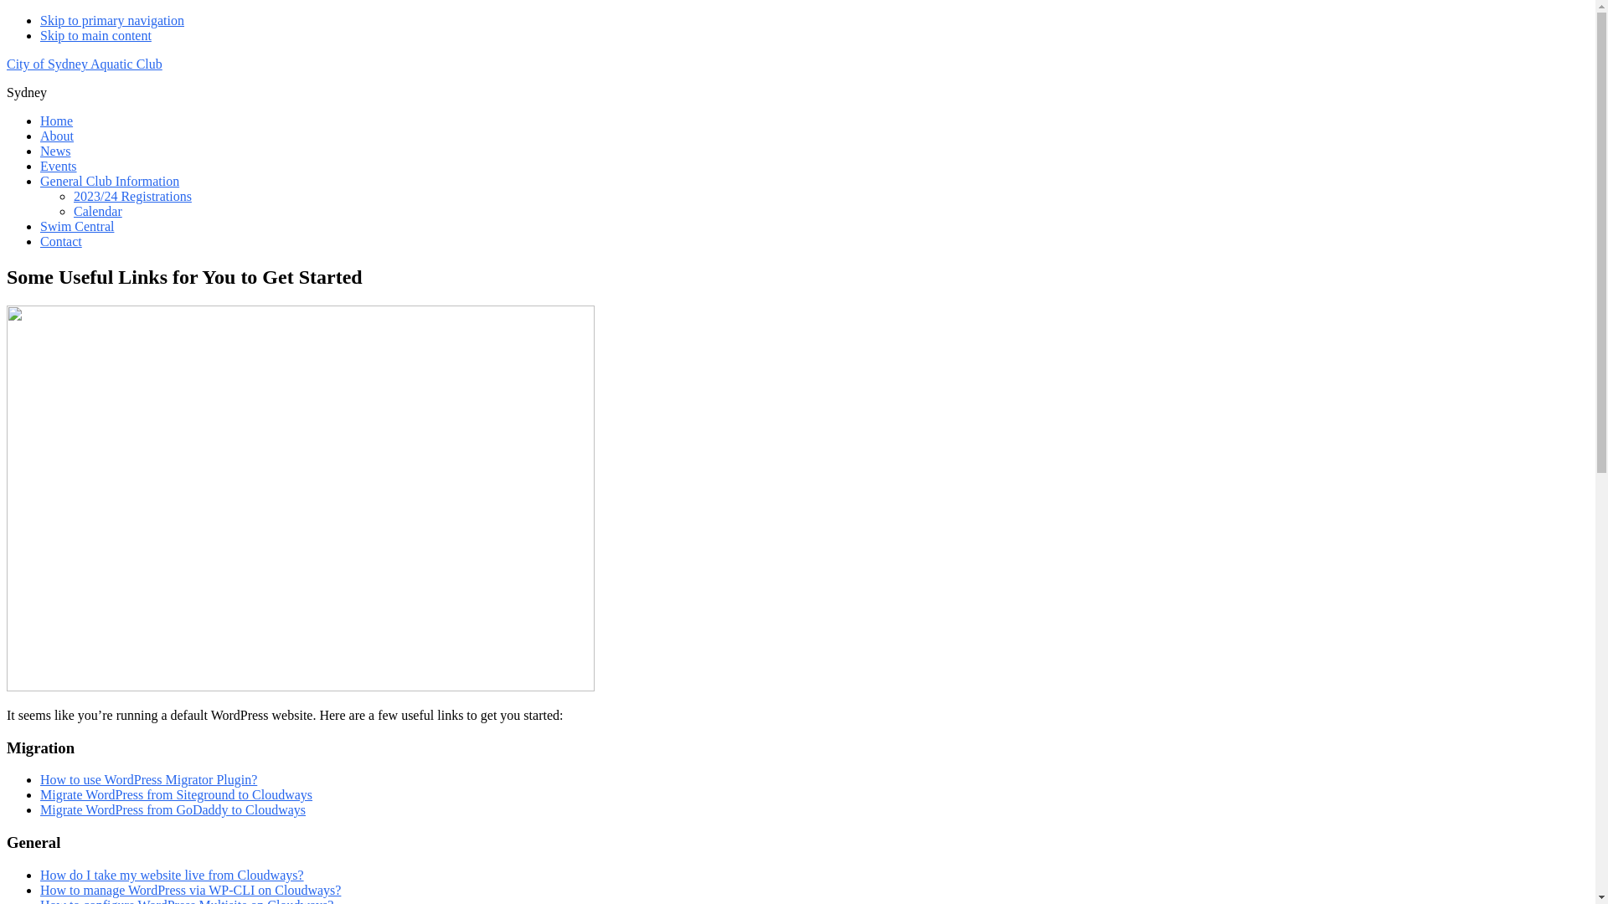  What do you see at coordinates (176, 794) in the screenshot?
I see `'Migrate WordPress from Siteground to Cloudways'` at bounding box center [176, 794].